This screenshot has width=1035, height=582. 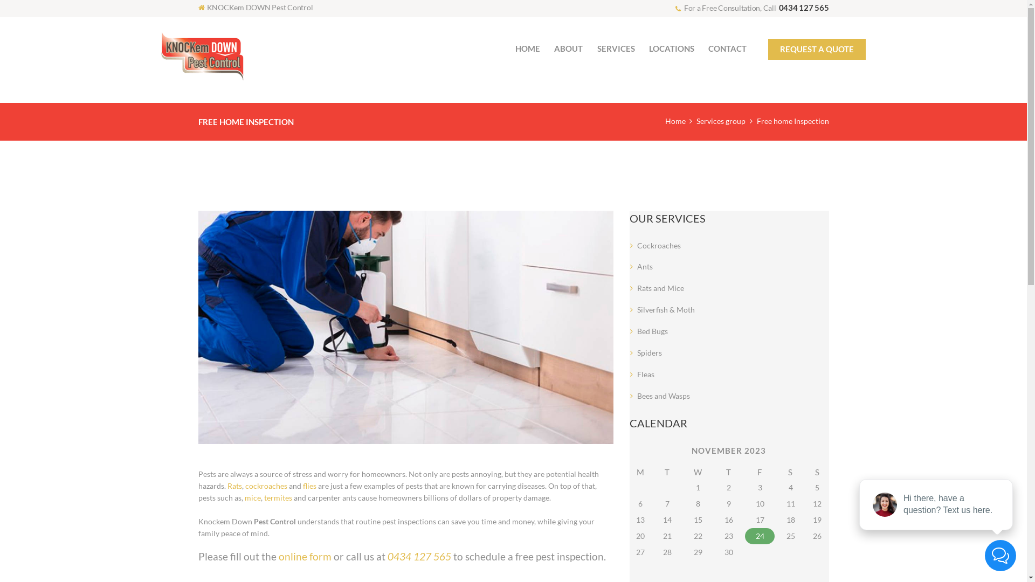 I want to click on 'ABOUT', so click(x=568, y=48).